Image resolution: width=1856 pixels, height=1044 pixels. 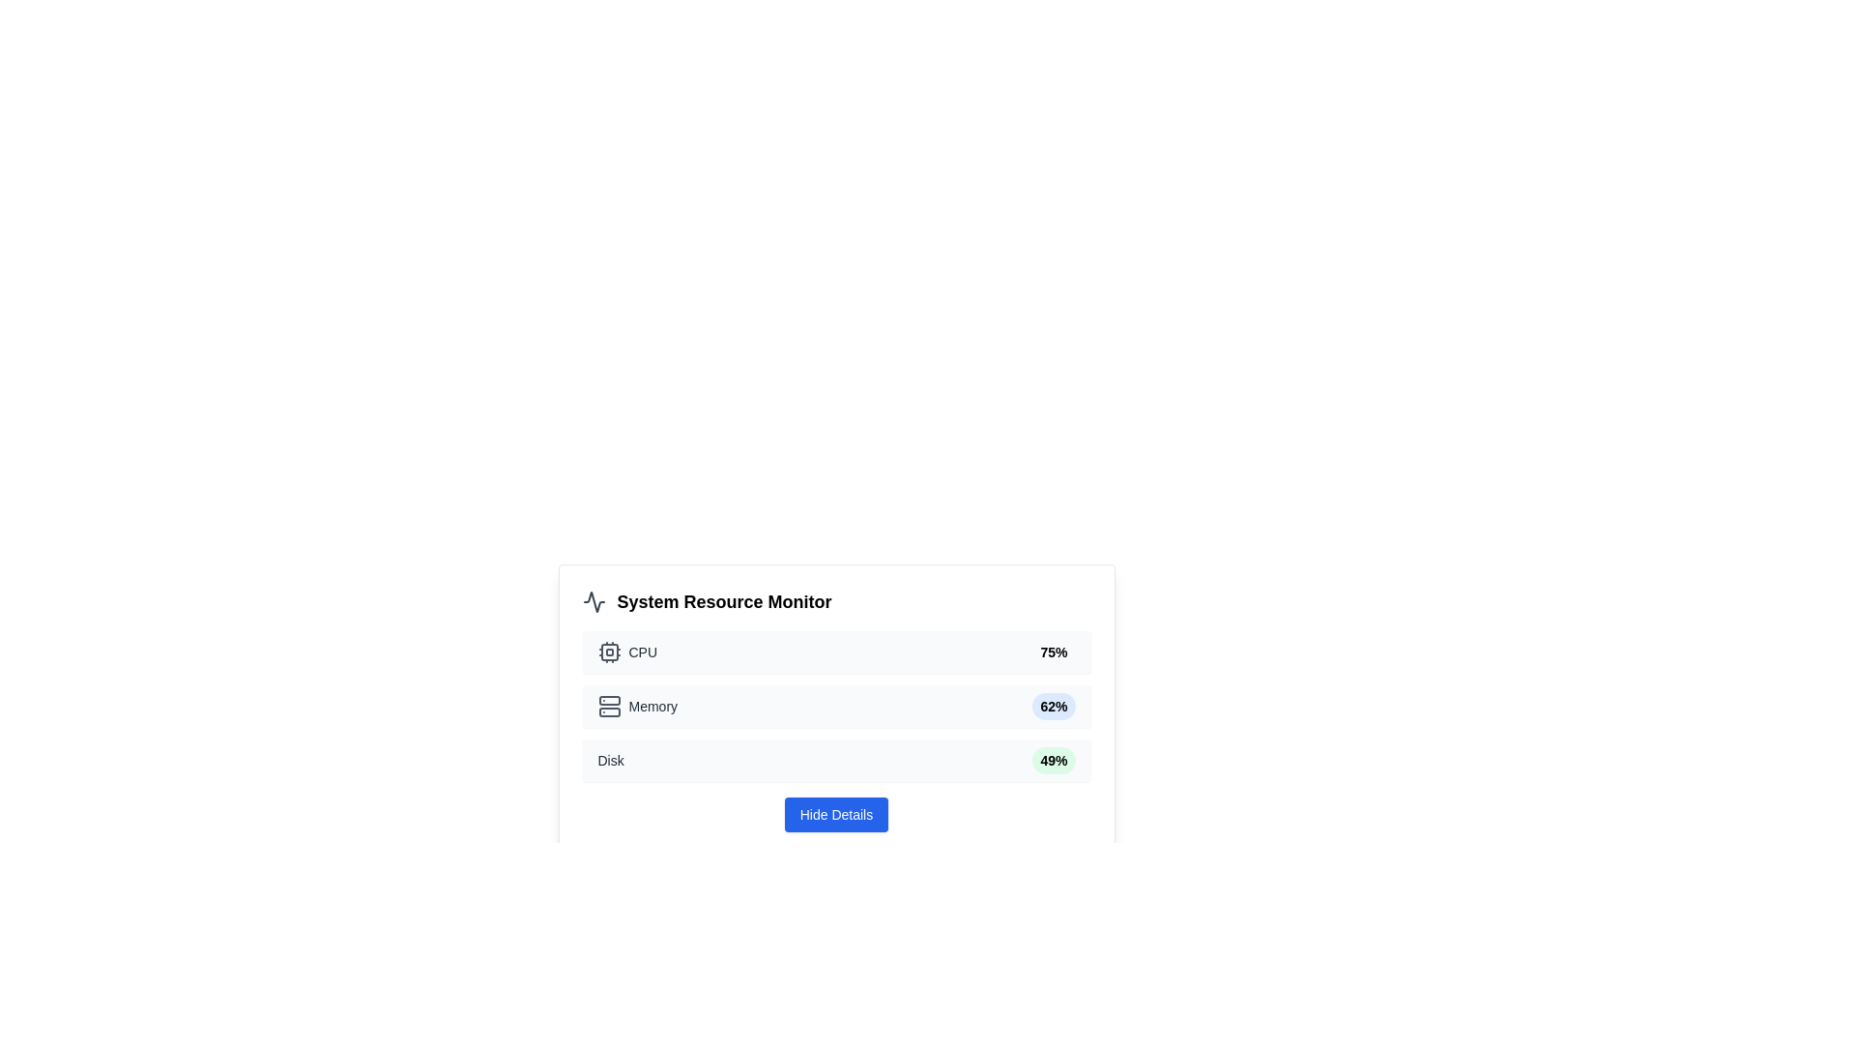 I want to click on the Text label displaying the current CPU usage percentage, which is located to the right of the 'CPU' label and its icon, indicating system monitoring status, so click(x=1053, y=652).